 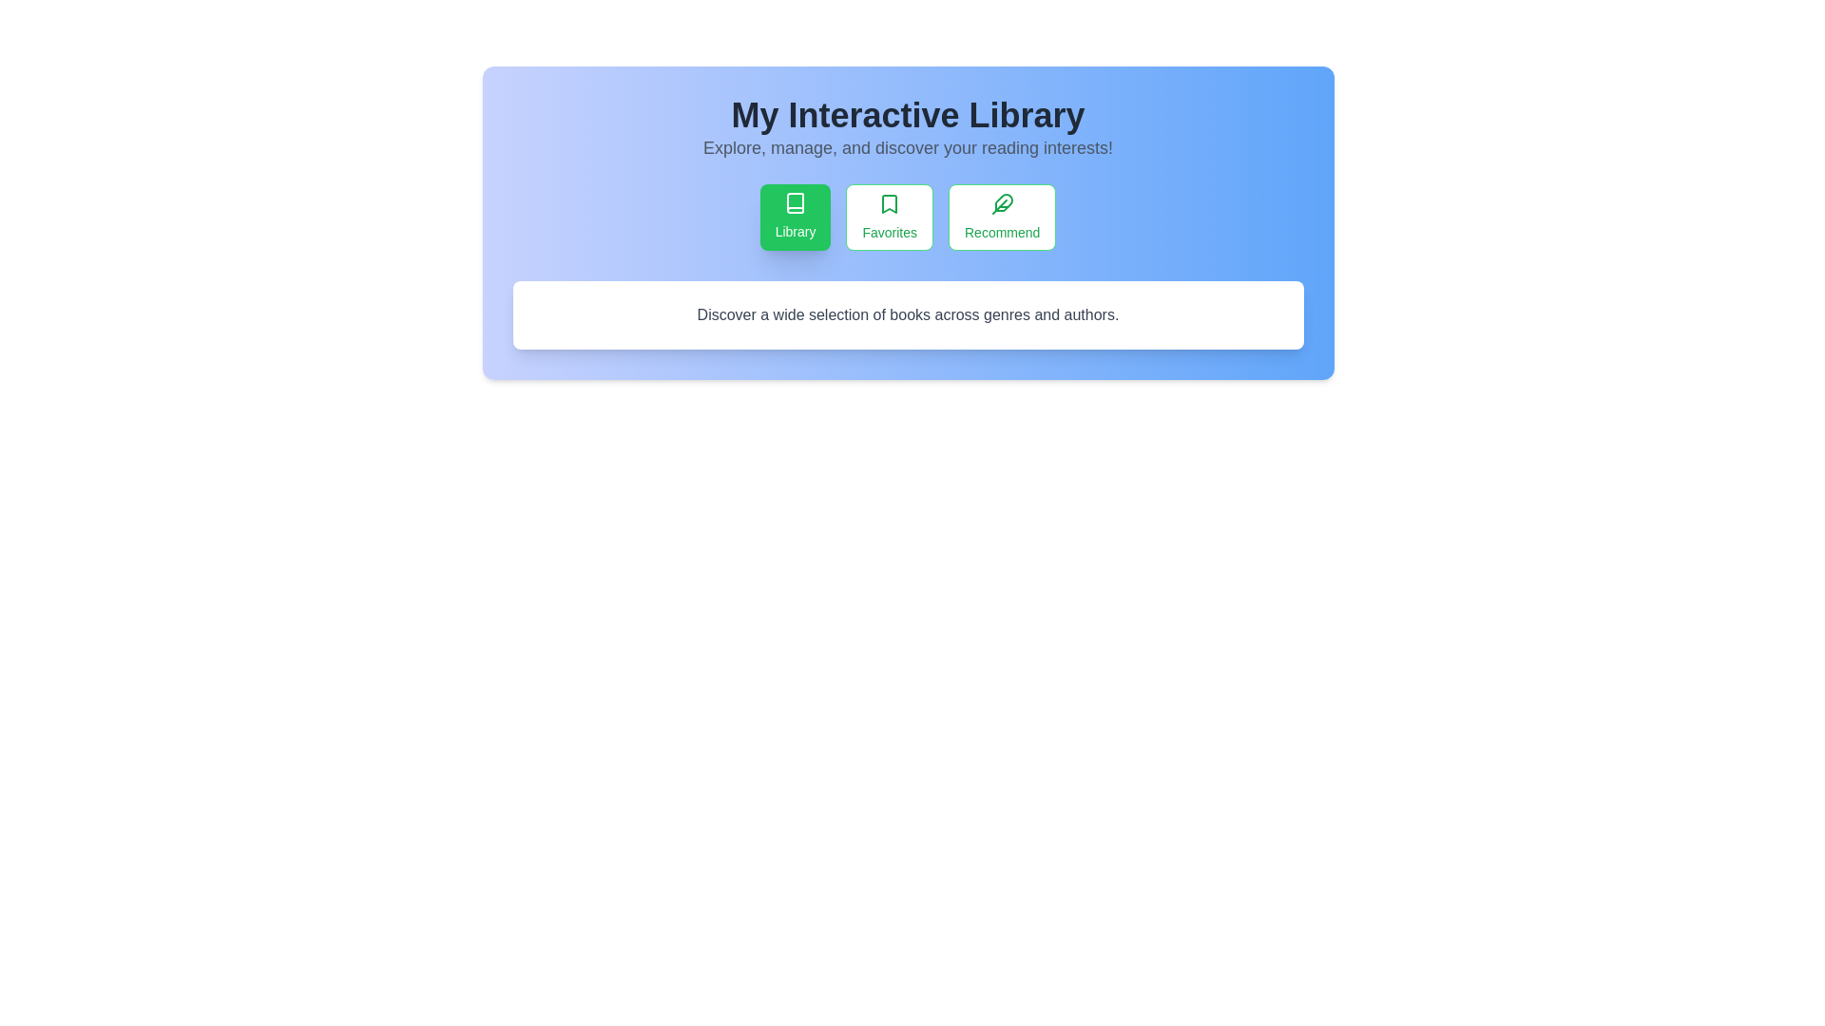 What do you see at coordinates (1001, 216) in the screenshot?
I see `the Recommend tab to view its content` at bounding box center [1001, 216].